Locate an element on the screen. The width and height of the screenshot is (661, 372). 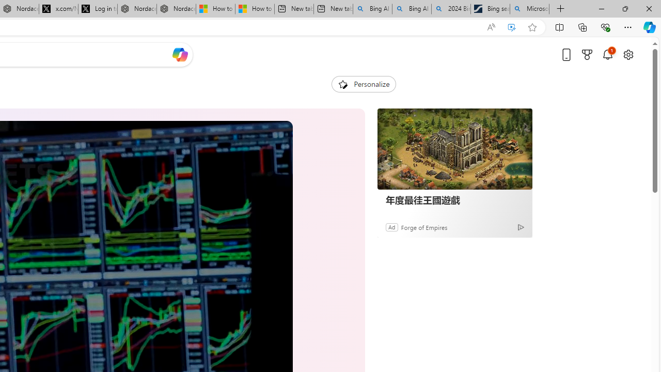
'Read aloud this page (Ctrl+Shift+U)' is located at coordinates (491, 27).